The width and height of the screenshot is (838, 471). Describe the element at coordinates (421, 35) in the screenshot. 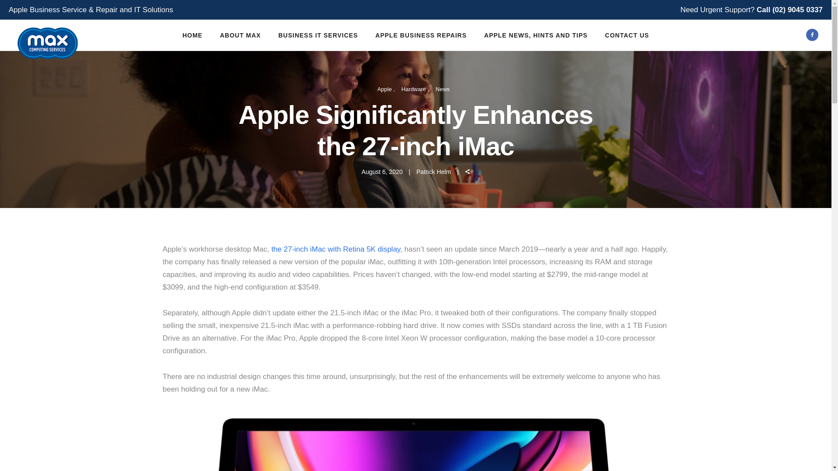

I see `'APPLE BUSINESS REPAIRS'` at that location.